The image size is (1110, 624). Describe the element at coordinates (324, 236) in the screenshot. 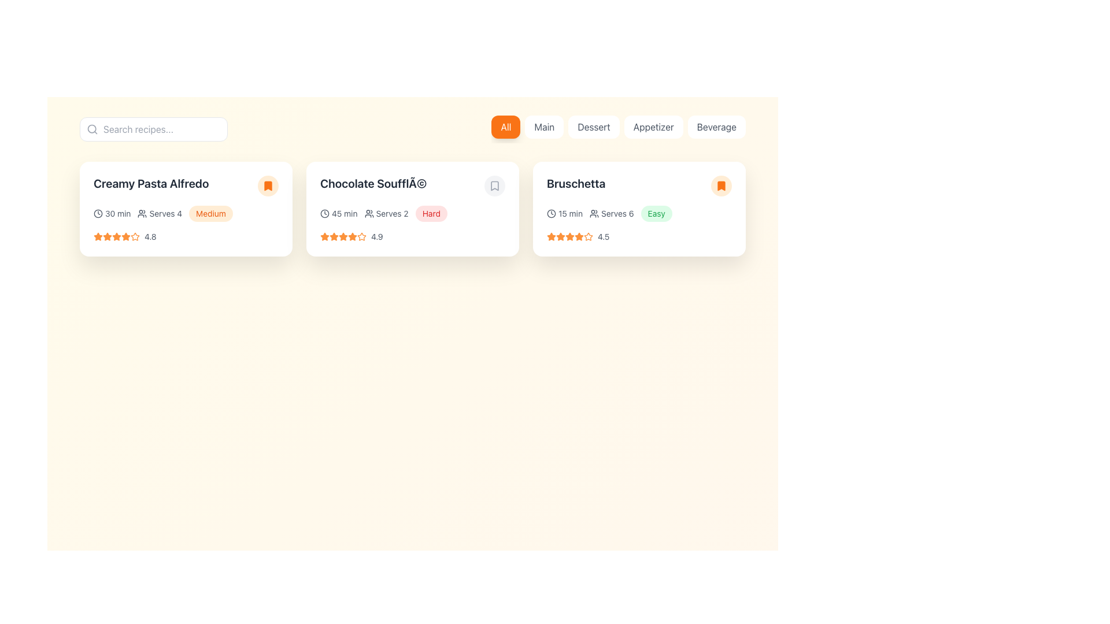

I see `the first star icon in the rating system displayed below the 'Chocolate Soufflé' card` at that location.